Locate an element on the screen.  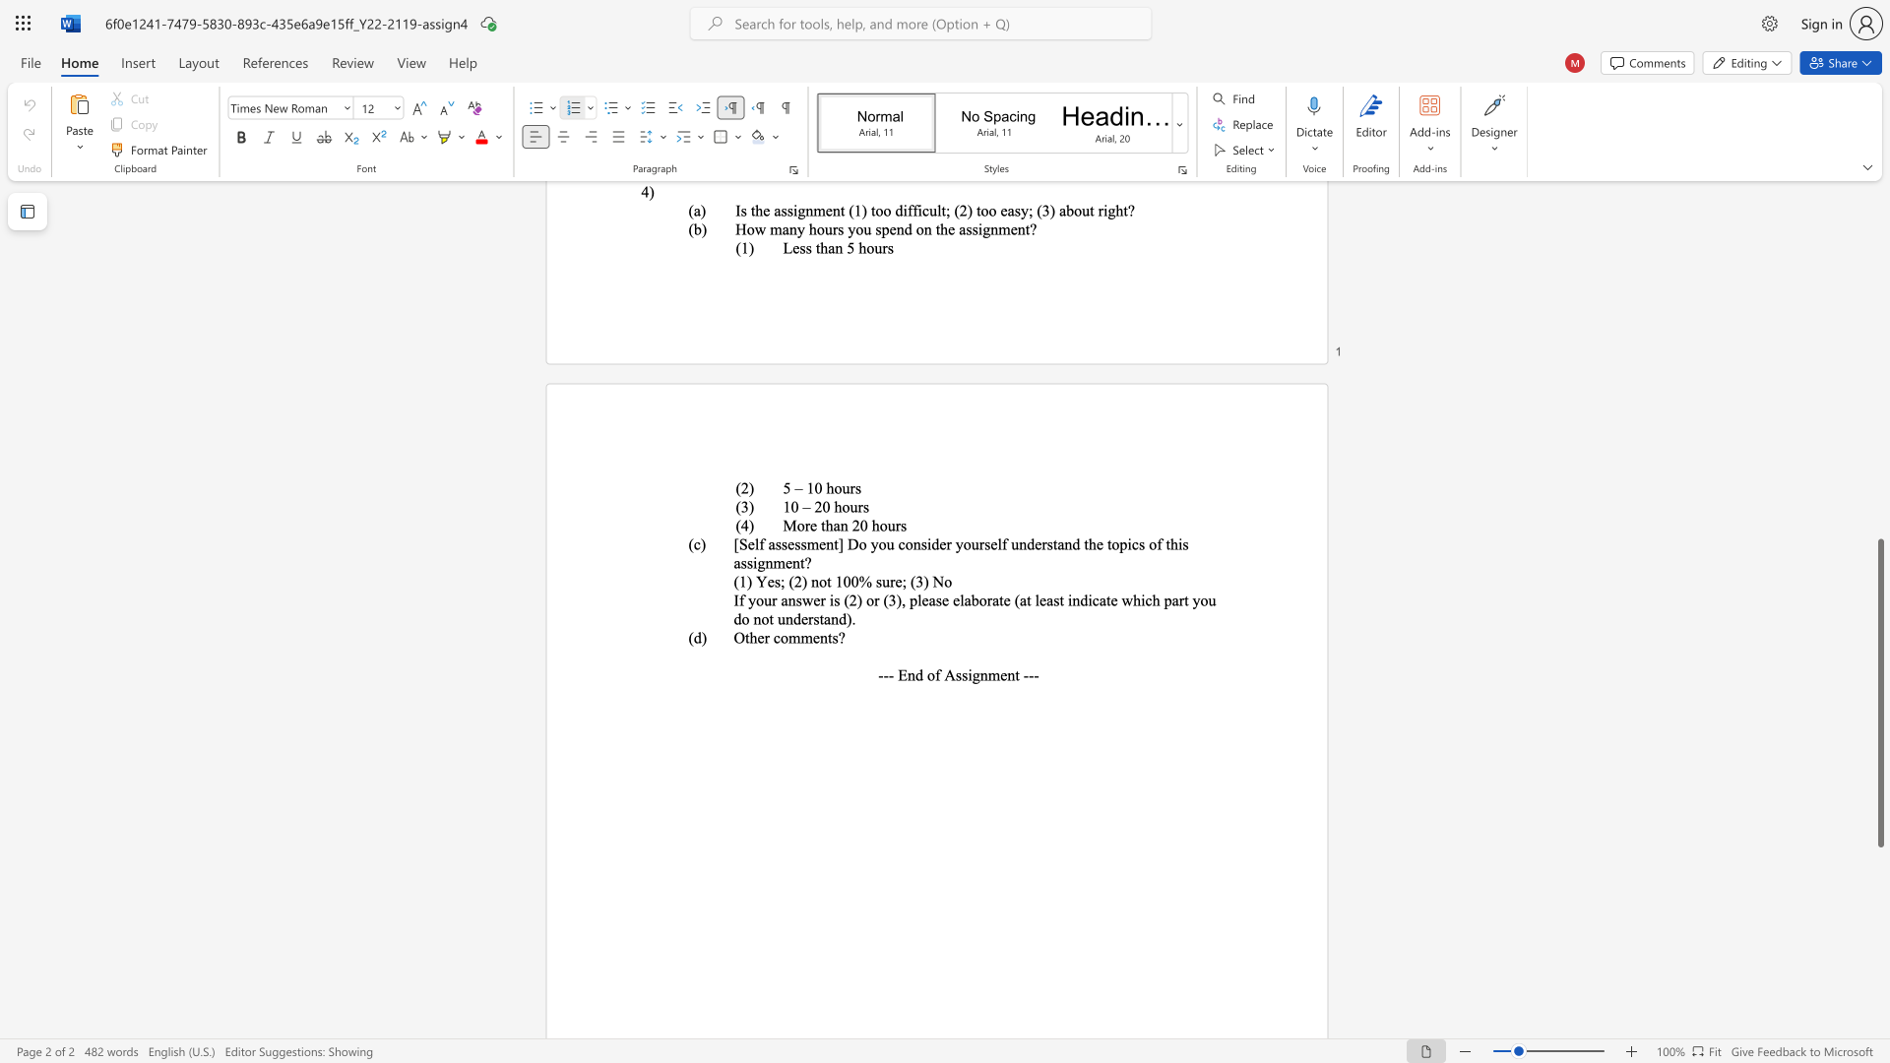
the 1th character "s" in the text is located at coordinates (835, 638).